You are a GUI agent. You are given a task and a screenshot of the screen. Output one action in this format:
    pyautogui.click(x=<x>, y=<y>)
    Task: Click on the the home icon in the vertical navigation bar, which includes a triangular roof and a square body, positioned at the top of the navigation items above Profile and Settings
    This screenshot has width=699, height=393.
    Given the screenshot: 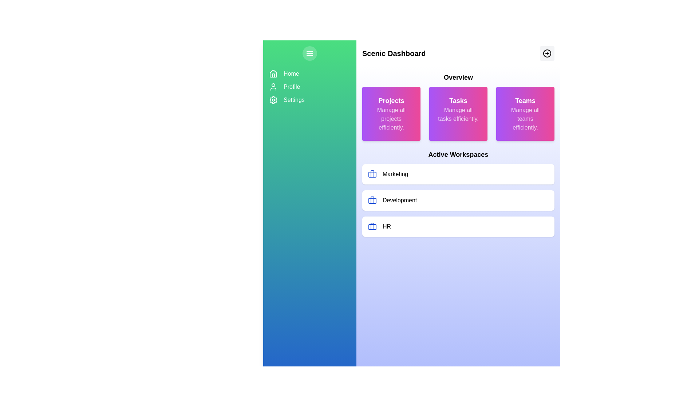 What is the action you would take?
    pyautogui.click(x=273, y=73)
    